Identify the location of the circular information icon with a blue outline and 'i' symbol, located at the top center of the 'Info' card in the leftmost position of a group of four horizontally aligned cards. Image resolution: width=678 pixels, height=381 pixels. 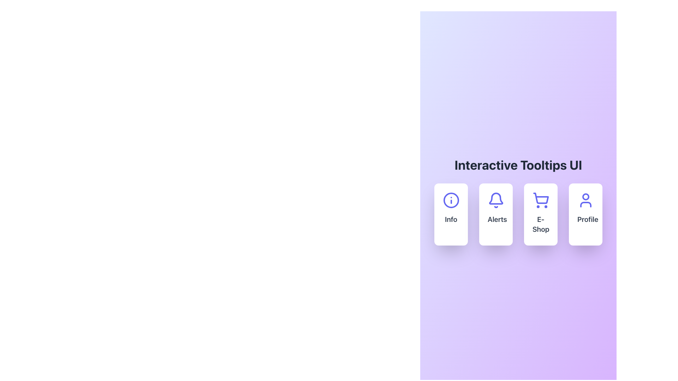
(451, 200).